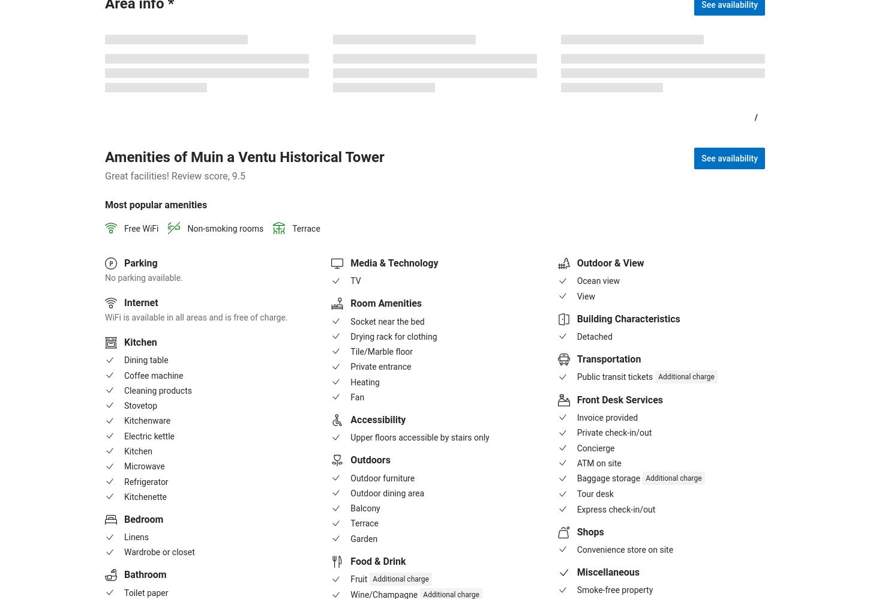 The width and height of the screenshot is (870, 599). I want to click on 'Tour desk', so click(576, 493).